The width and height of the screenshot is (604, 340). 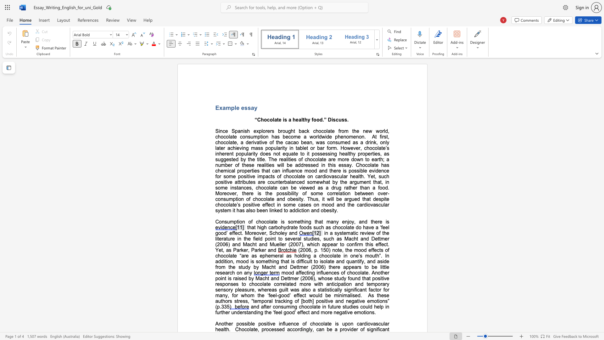 What do you see at coordinates (234, 142) in the screenshot?
I see `the subset text "e, a derivative of the cacao bean, was consumed as a drink, only later achieving mass popularity in tablet or bar form. However, chocolate’s inherent popu" within the text "At first, chocolate, a derivative of the cacao bean, was consumed as a drink, only later achieving mass popularity in tablet or bar form. However, chocolate’s inherent popularity does not equate to it"` at bounding box center [234, 142].